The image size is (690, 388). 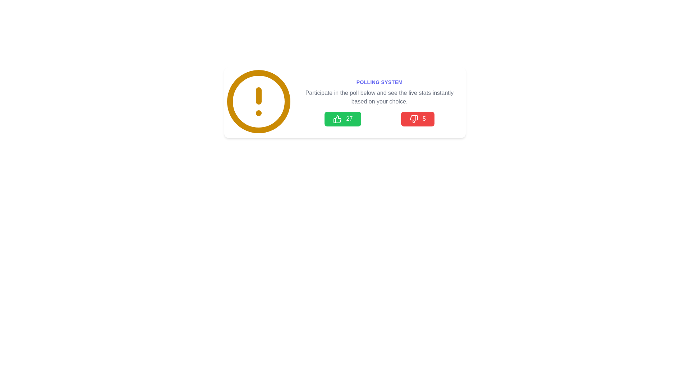 I want to click on the thumbs-up SVG icon with a green circular background located within a green button on the left side of the button group under the poll description, so click(x=337, y=119).